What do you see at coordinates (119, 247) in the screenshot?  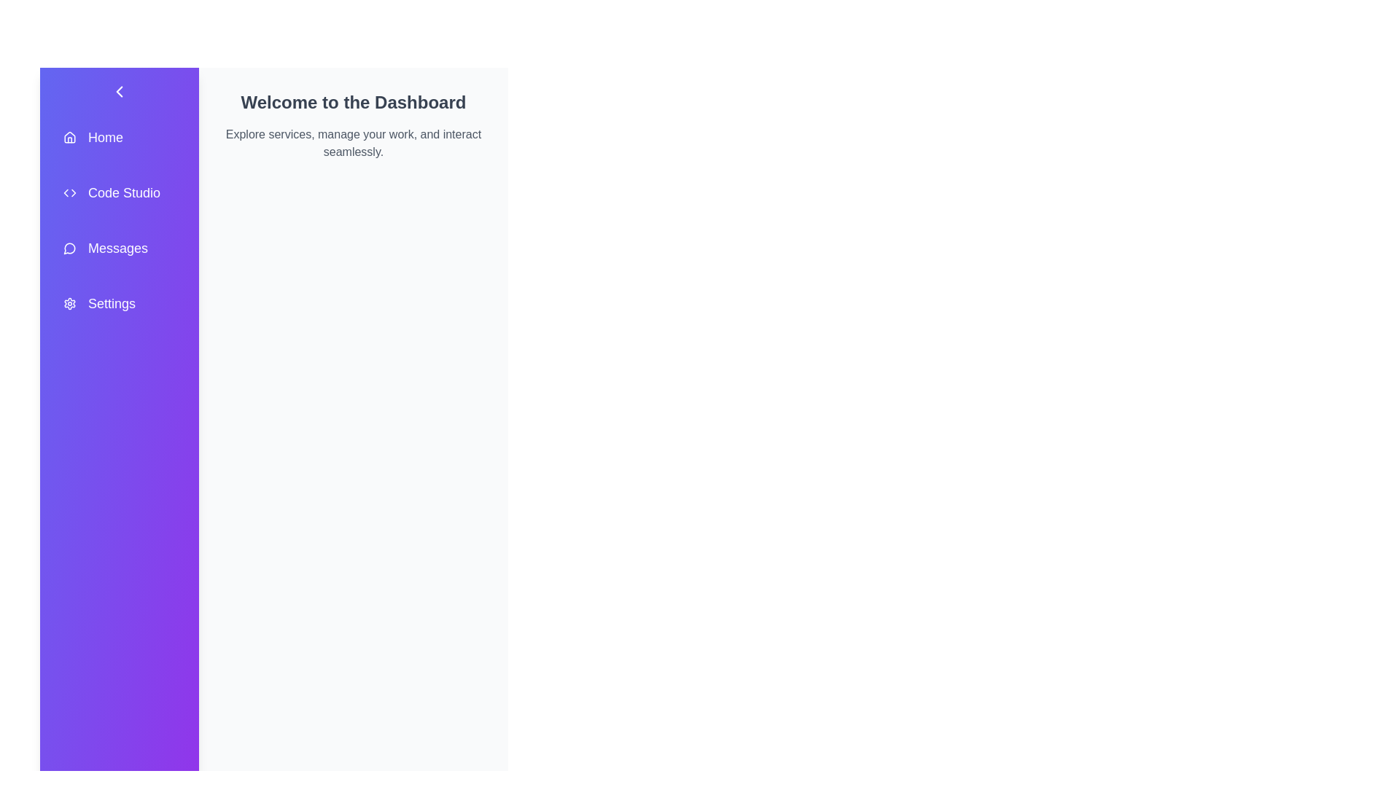 I see `the menu item labeled 'Messages' to observe its hover effect` at bounding box center [119, 247].